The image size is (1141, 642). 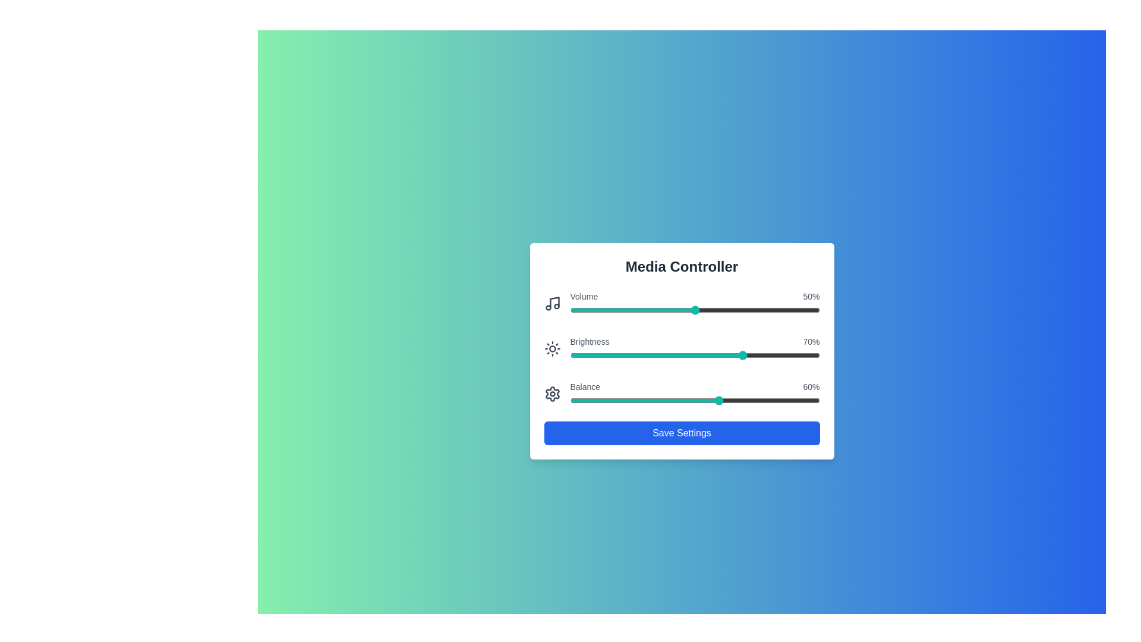 What do you see at coordinates (674, 401) in the screenshot?
I see `the balance slider handle to set the balance to 42%` at bounding box center [674, 401].